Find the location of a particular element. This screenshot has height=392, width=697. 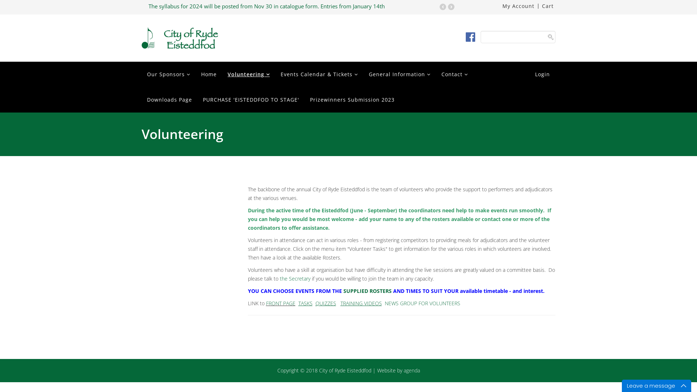

'Prizewinners Submission 2023' is located at coordinates (352, 99).